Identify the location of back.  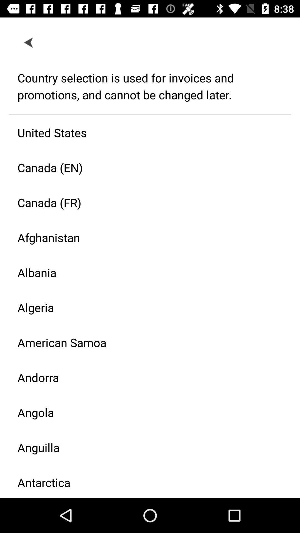
(29, 42).